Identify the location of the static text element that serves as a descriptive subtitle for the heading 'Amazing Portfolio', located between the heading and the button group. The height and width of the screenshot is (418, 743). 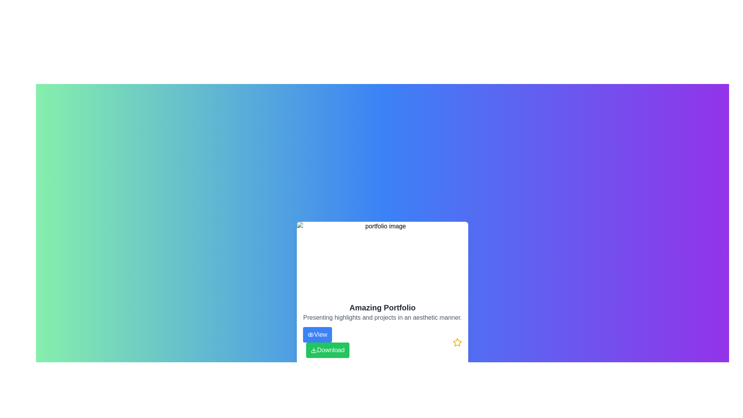
(382, 318).